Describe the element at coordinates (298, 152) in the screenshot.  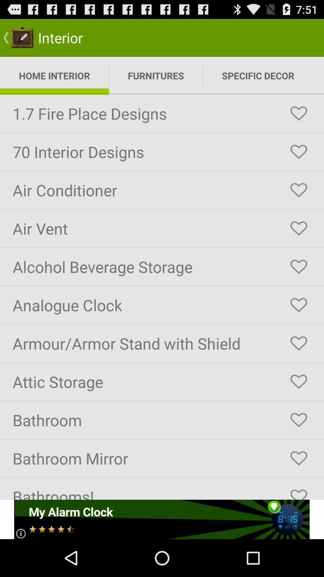
I see `to favorites` at that location.